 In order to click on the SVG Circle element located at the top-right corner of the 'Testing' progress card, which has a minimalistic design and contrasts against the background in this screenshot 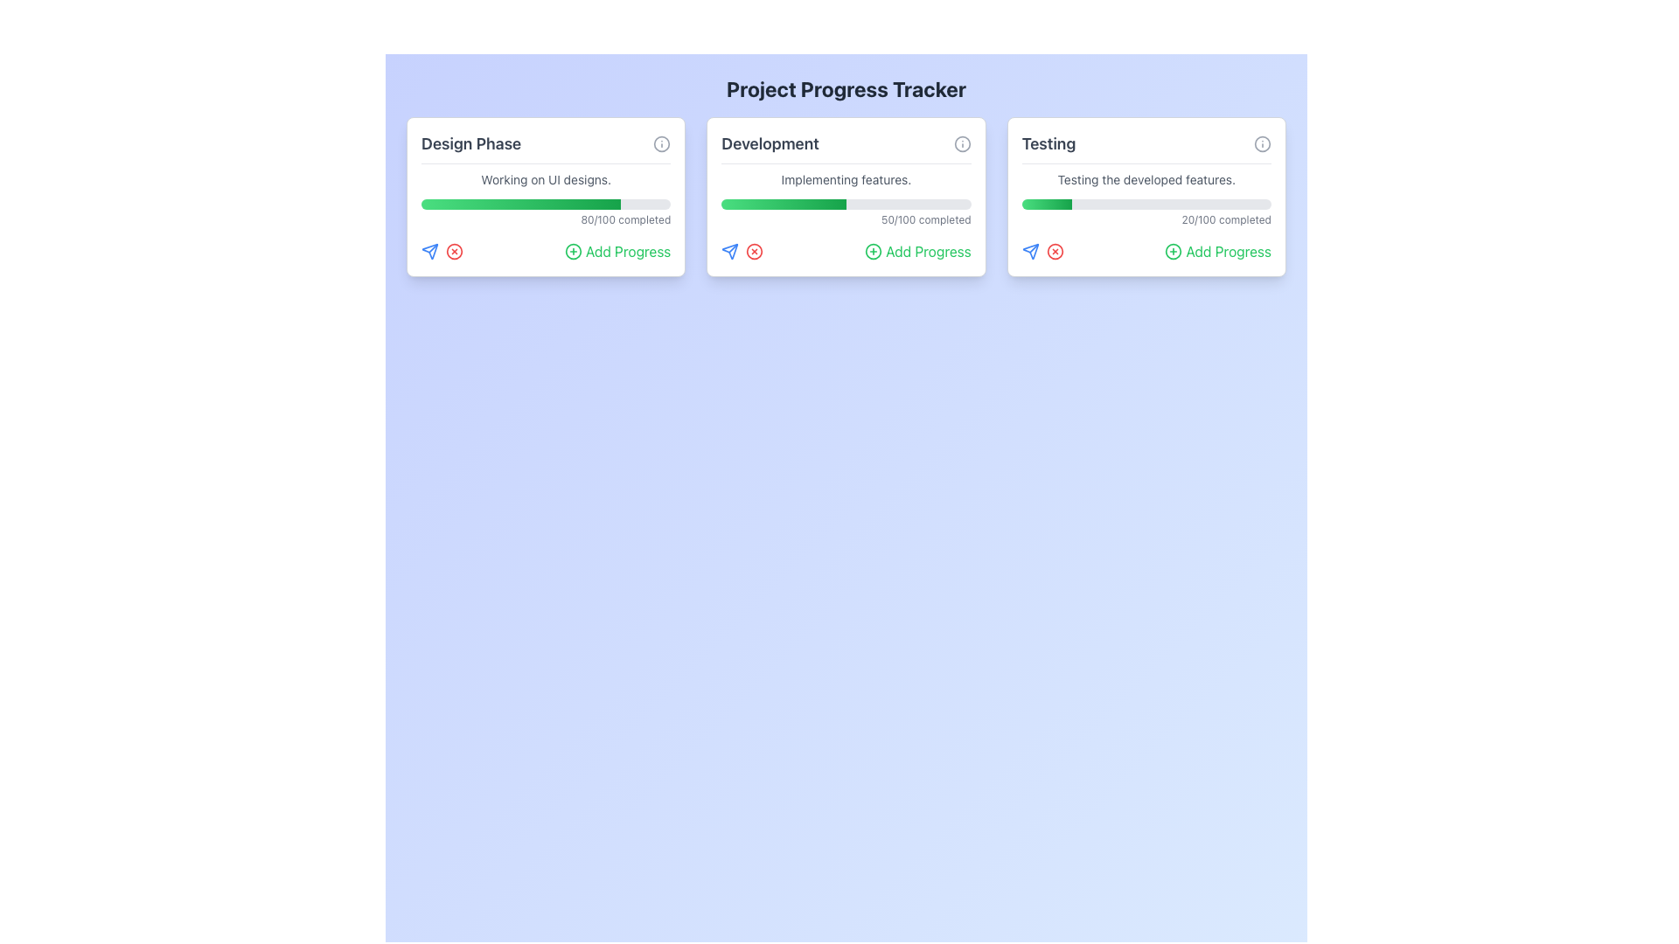, I will do `click(1263, 143)`.